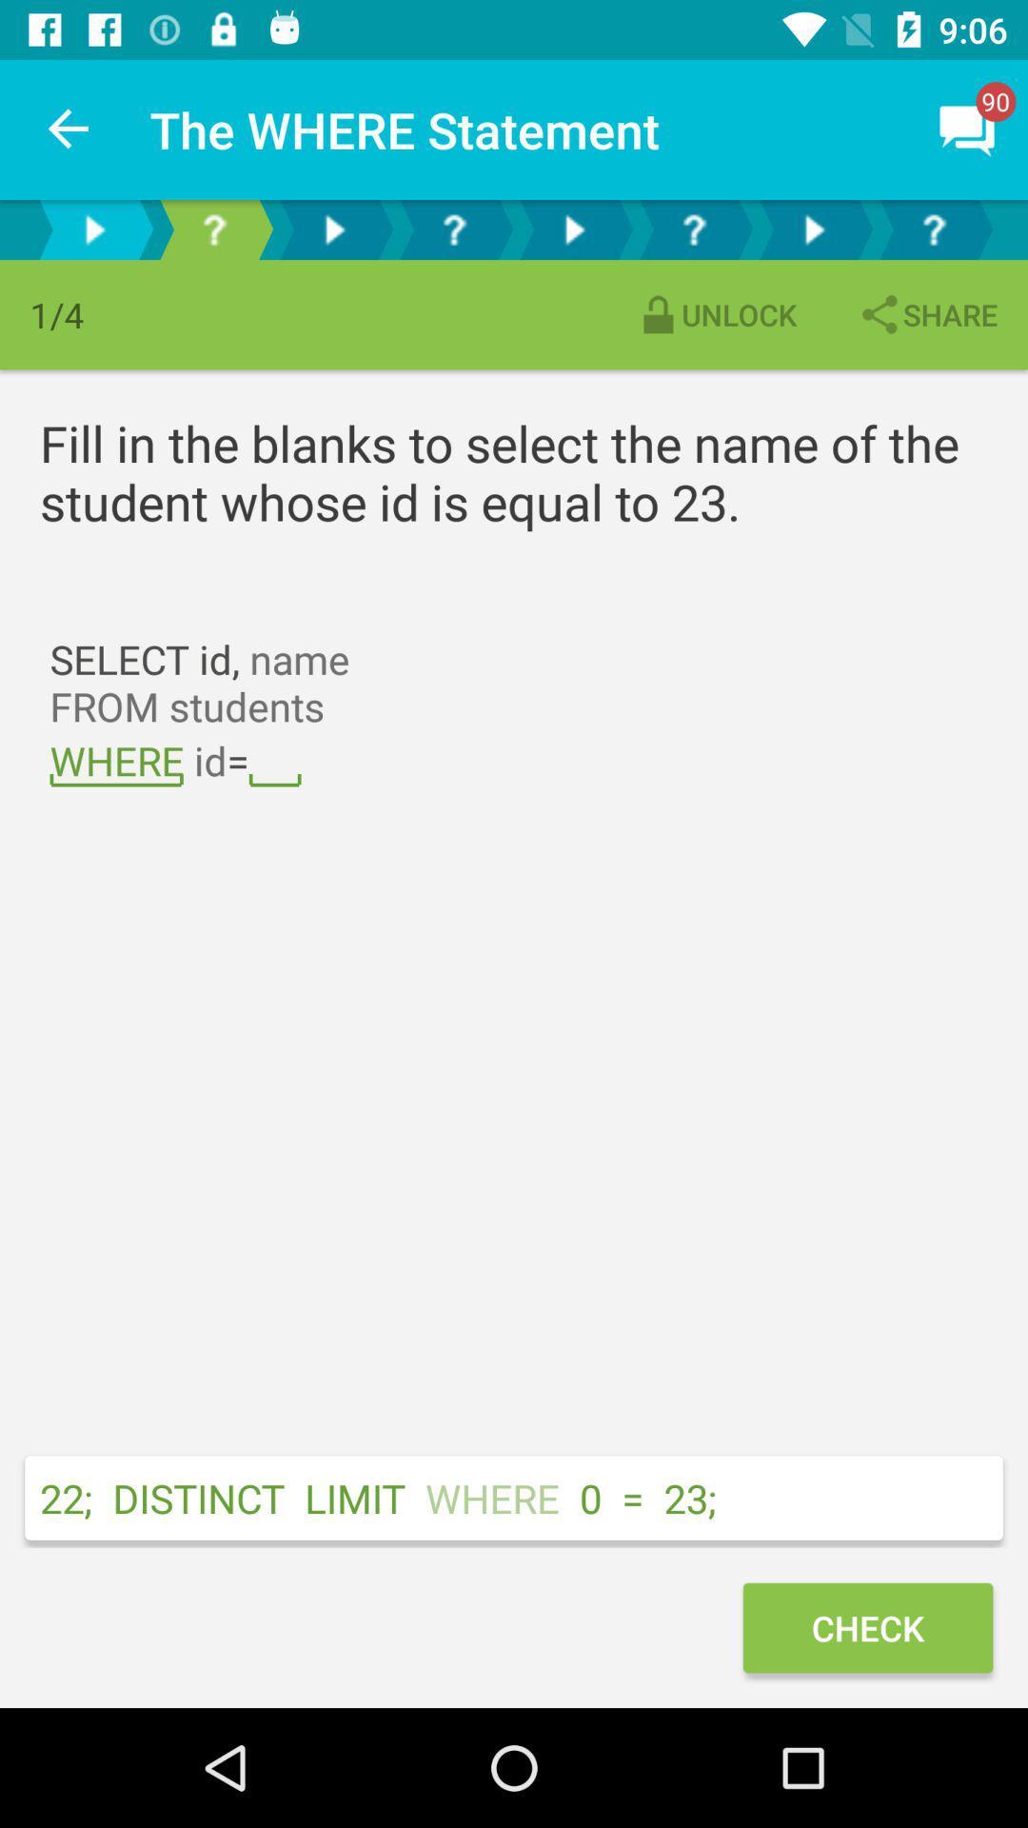  What do you see at coordinates (932, 228) in the screenshot?
I see `a asked for help function` at bounding box center [932, 228].